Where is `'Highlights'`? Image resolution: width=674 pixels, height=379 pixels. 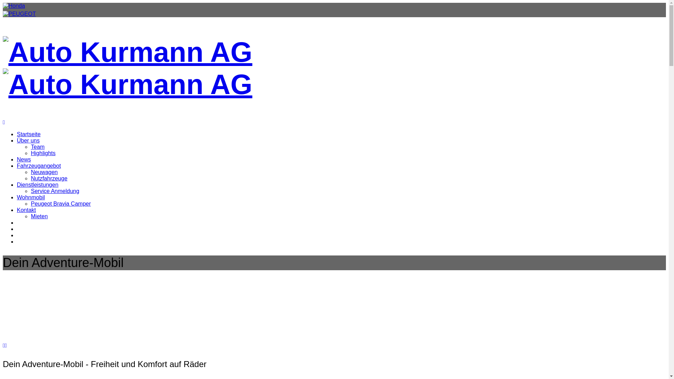 'Highlights' is located at coordinates (43, 153).